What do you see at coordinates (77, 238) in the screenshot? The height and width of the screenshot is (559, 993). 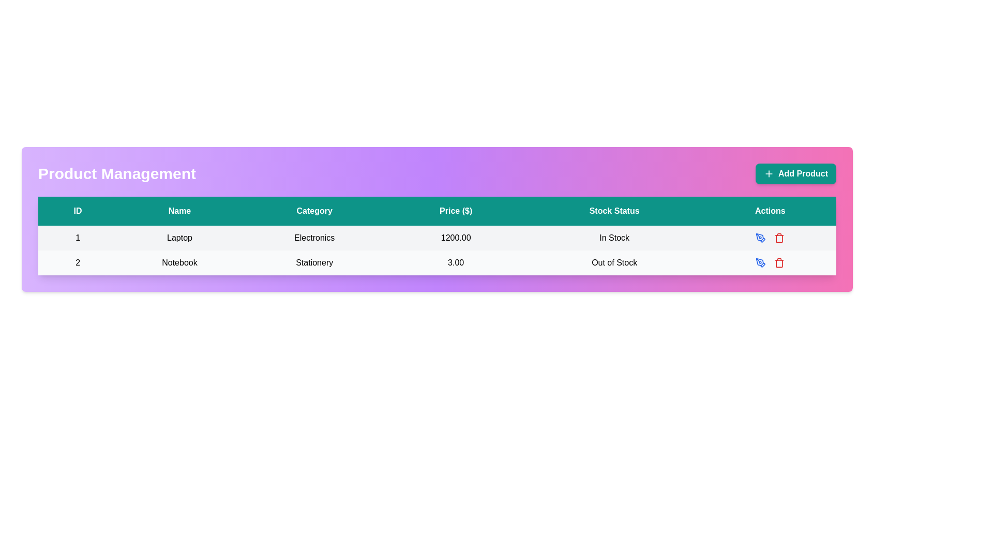 I see `the static text cell in the ID column of the first row of the data table, which serves as an identifier for the row` at bounding box center [77, 238].